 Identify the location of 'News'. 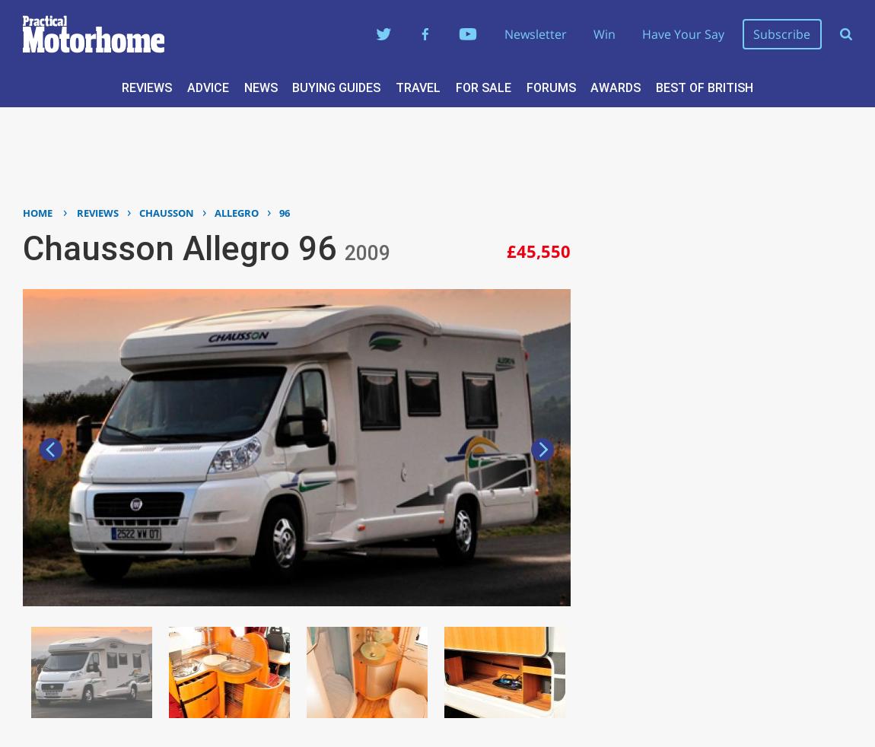
(260, 86).